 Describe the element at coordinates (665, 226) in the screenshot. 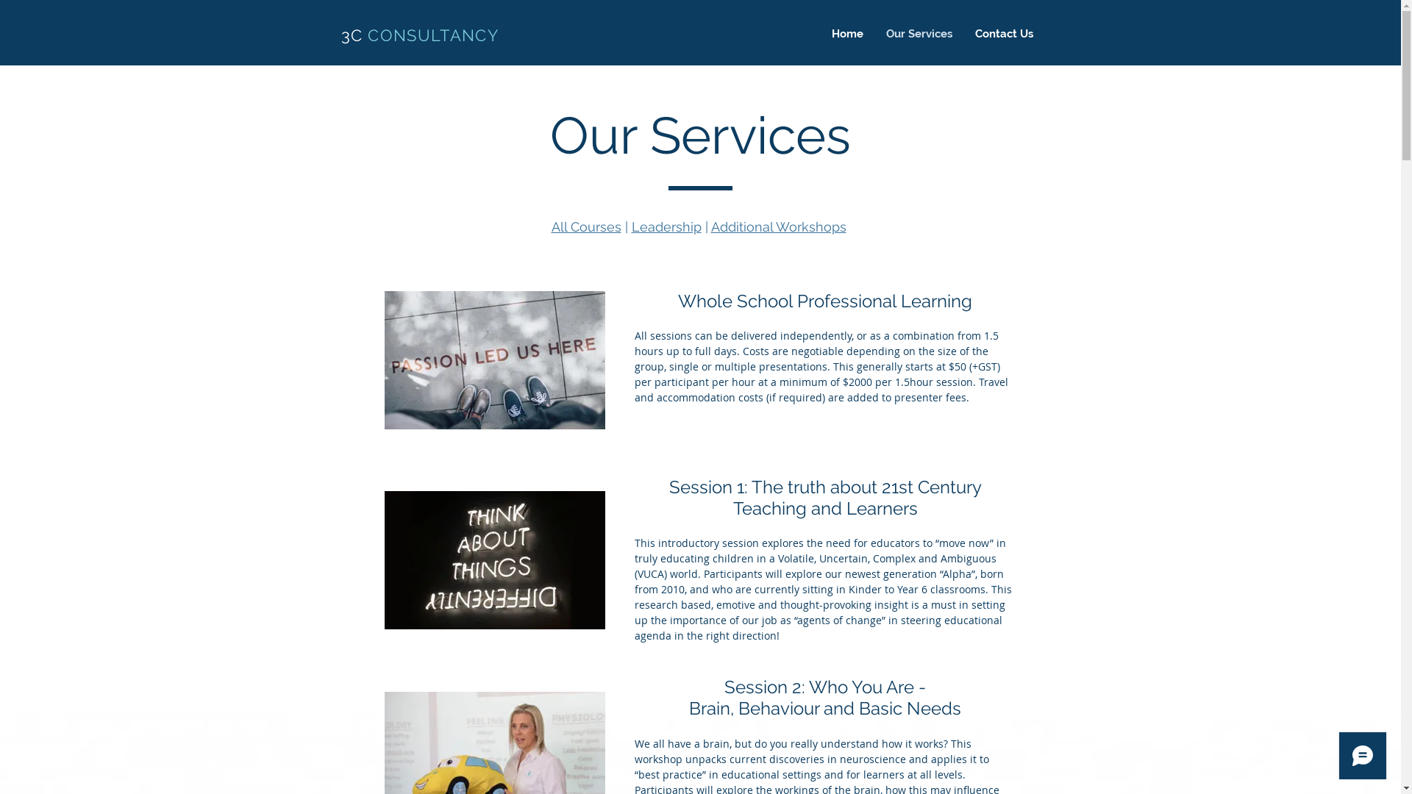

I see `'Leadership'` at that location.